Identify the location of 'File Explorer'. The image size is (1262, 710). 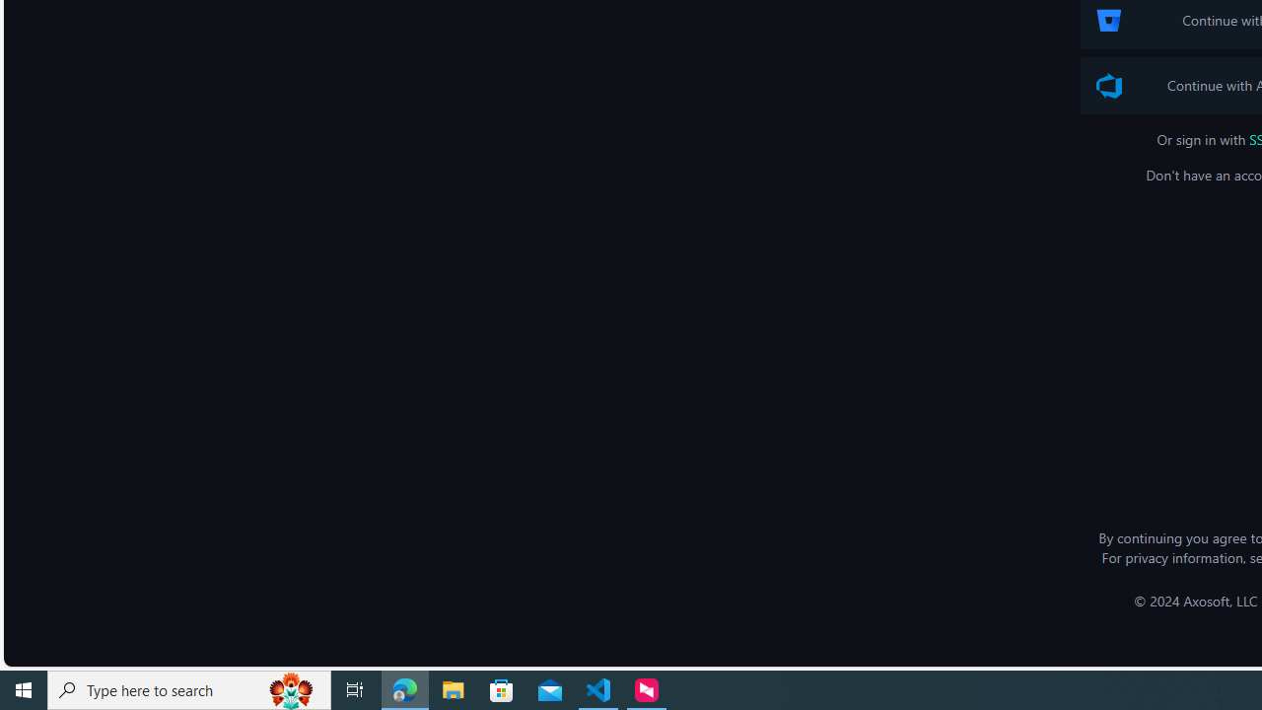
(453, 688).